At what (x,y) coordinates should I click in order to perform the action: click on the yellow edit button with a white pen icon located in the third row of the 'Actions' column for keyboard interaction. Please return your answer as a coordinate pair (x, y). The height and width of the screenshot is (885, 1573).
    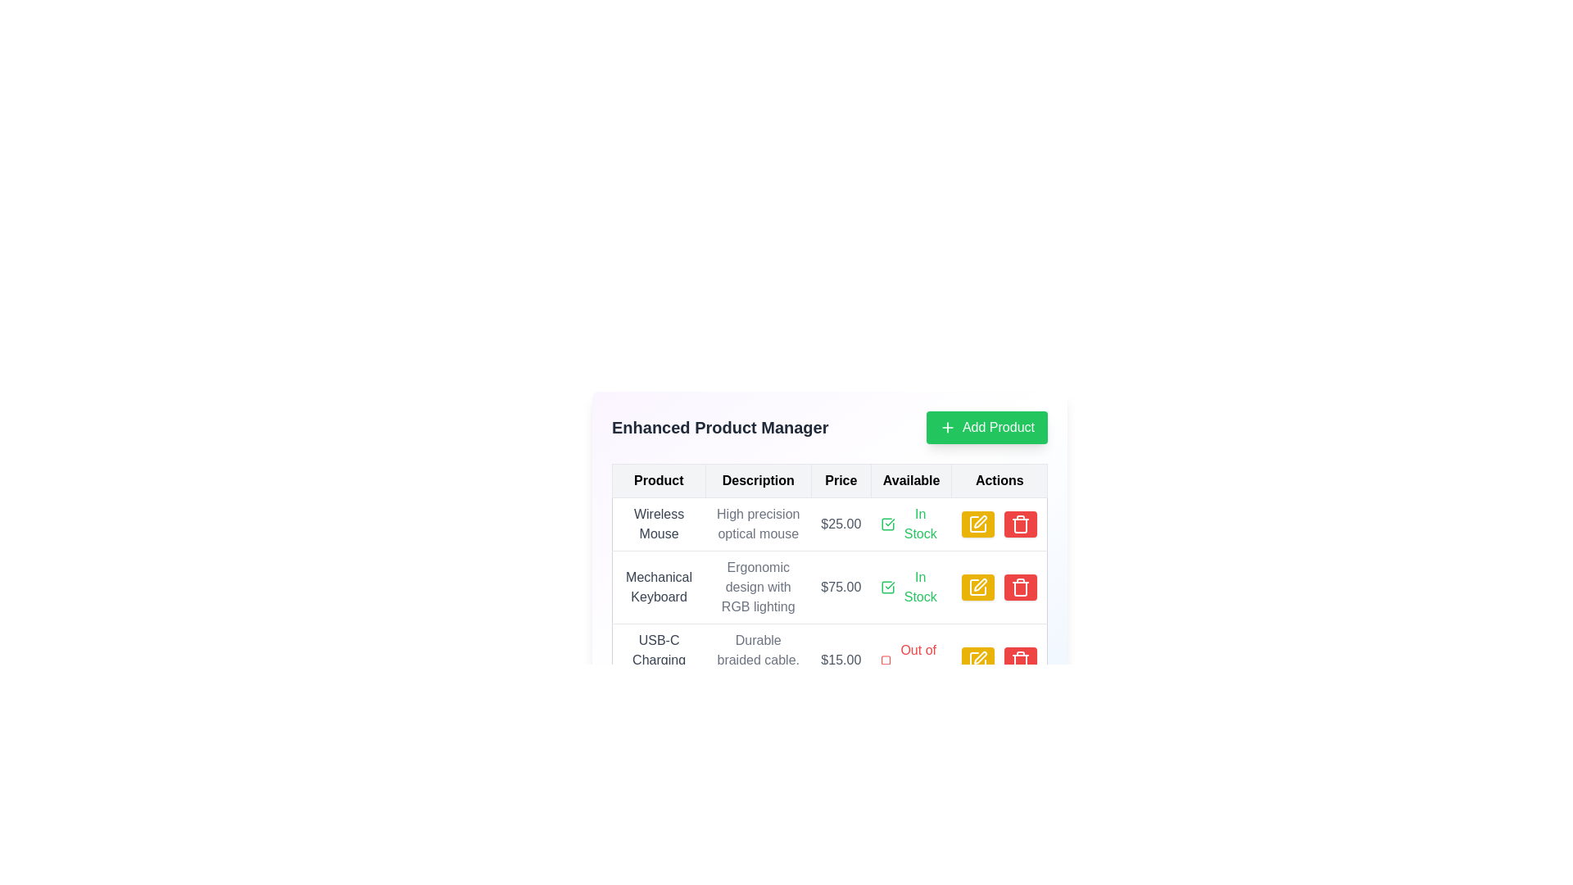
    Looking at the image, I should click on (978, 524).